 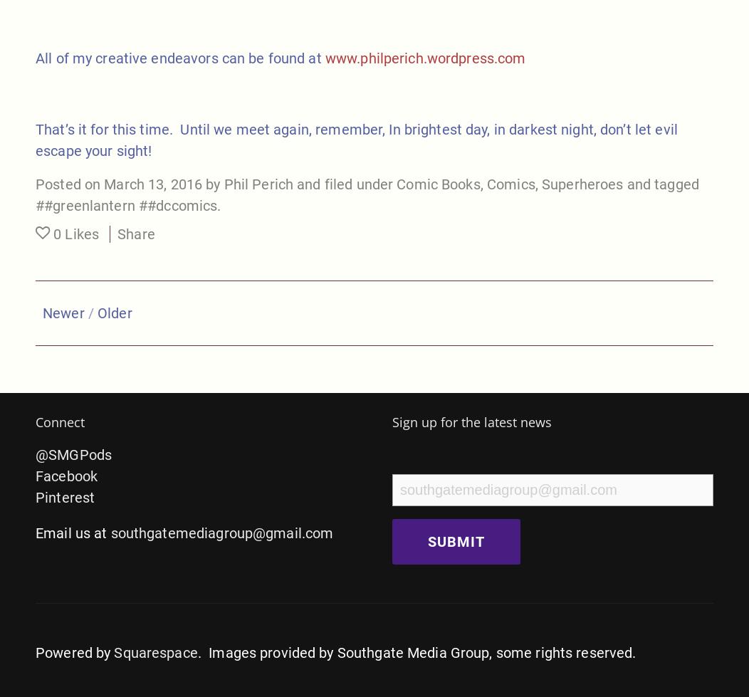 I want to click on 'Comic Books', so click(x=438, y=183).